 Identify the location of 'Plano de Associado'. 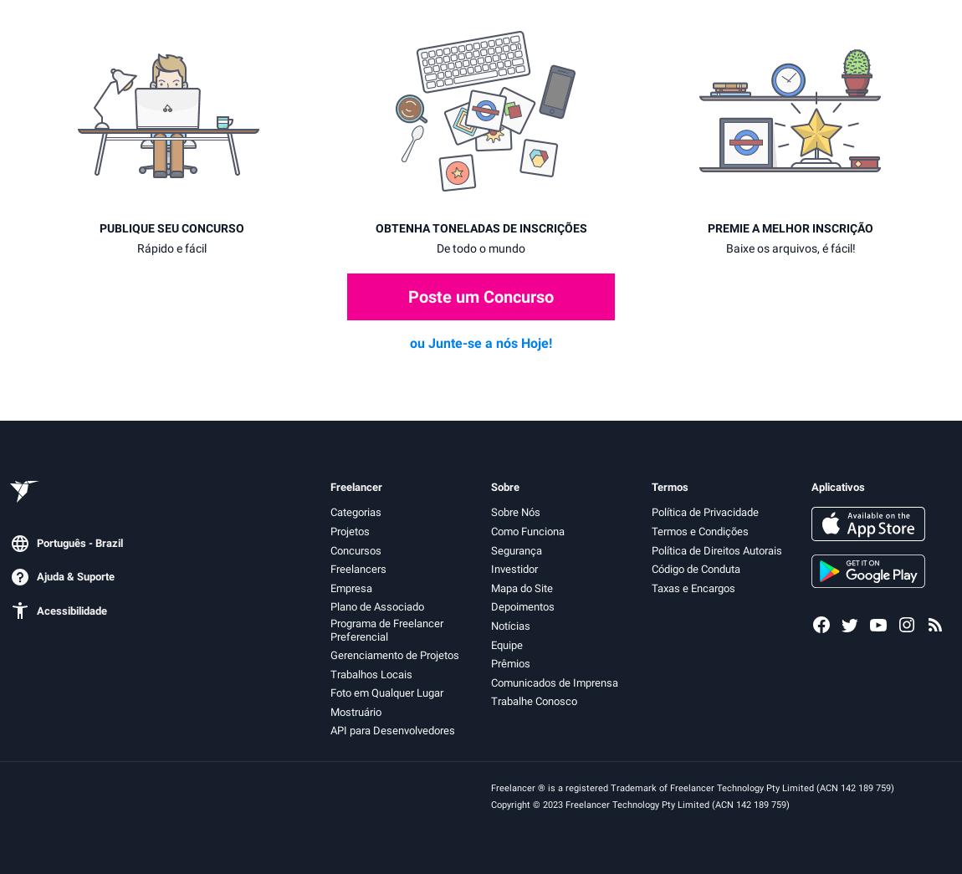
(377, 606).